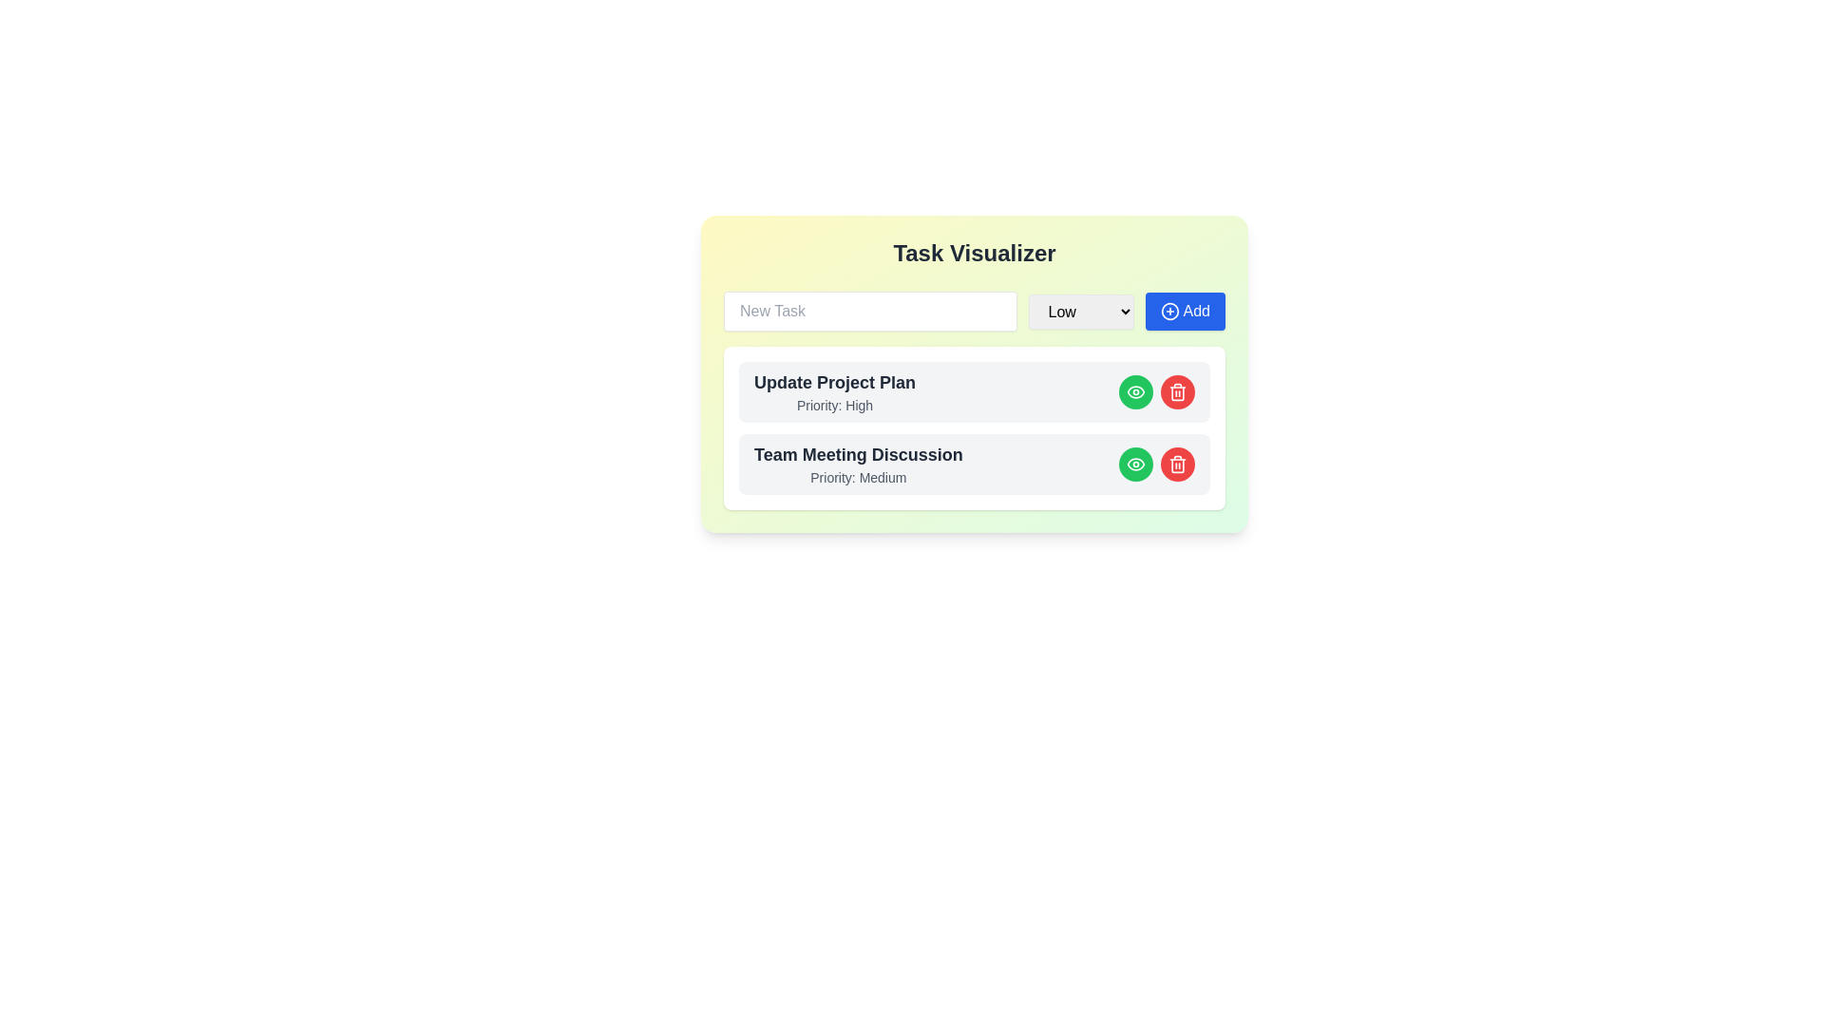 This screenshot has height=1026, width=1824. Describe the element at coordinates (1176, 390) in the screenshot. I see `the trash can icon button with a red circular background, located to the right of the green eye icon` at that location.